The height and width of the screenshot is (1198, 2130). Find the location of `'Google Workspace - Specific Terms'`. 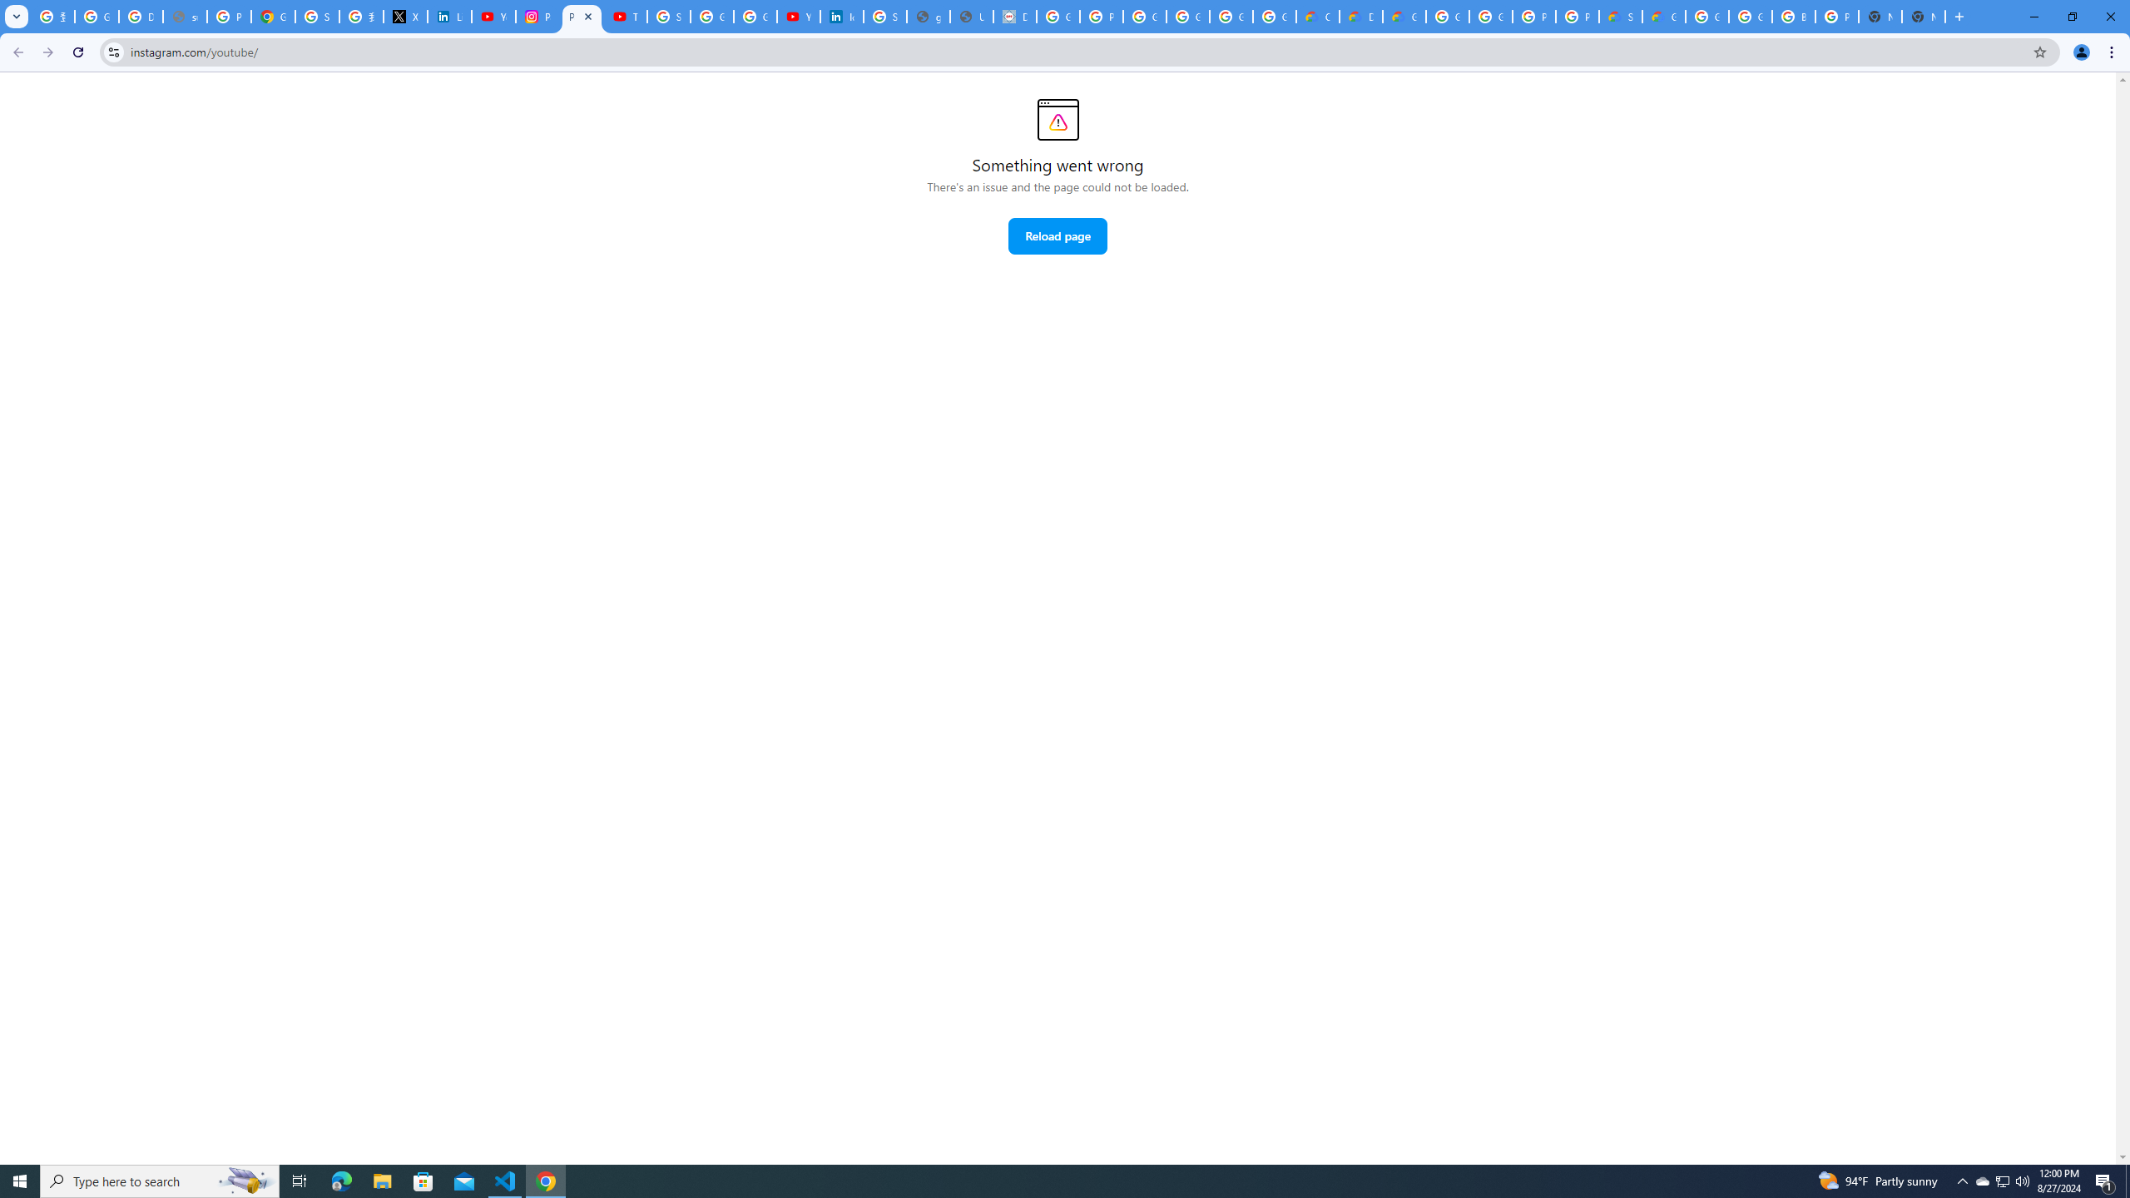

'Google Workspace - Specific Terms' is located at coordinates (1231, 16).